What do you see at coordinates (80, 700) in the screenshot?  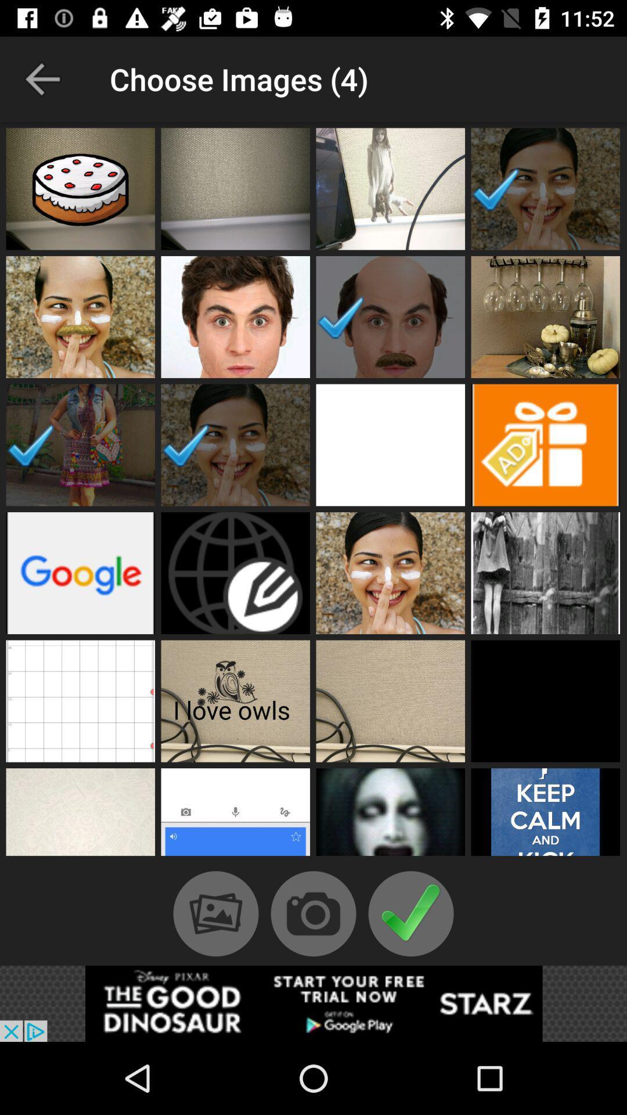 I see `this tile` at bounding box center [80, 700].